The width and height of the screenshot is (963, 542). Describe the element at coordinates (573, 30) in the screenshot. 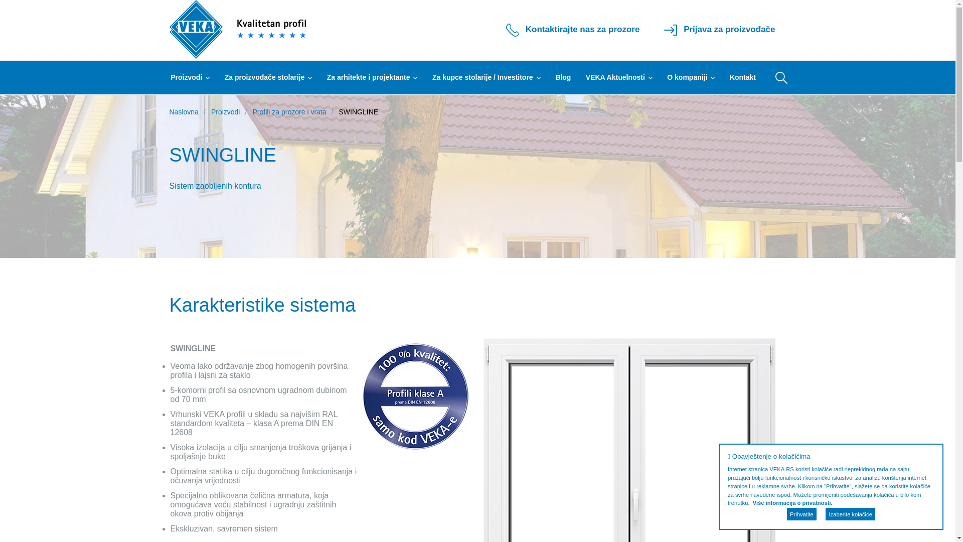

I see `'Kontaktirajte nas za prozore'` at that location.